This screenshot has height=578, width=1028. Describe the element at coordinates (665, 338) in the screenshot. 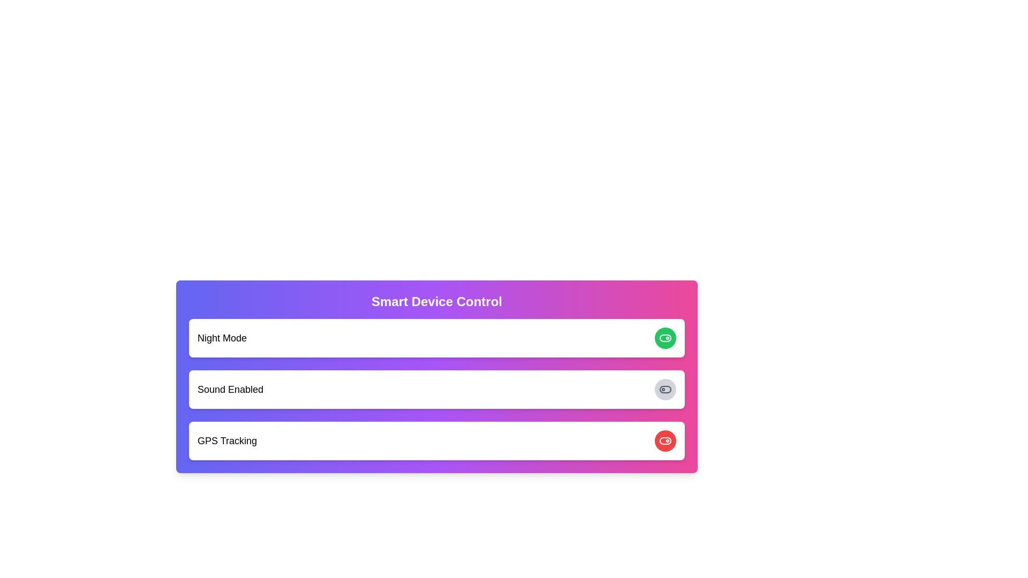

I see `the larger green rectangle of the toggle switch indicating the active state, located in the top-most control row aligned with the 'Night Mode' label` at that location.